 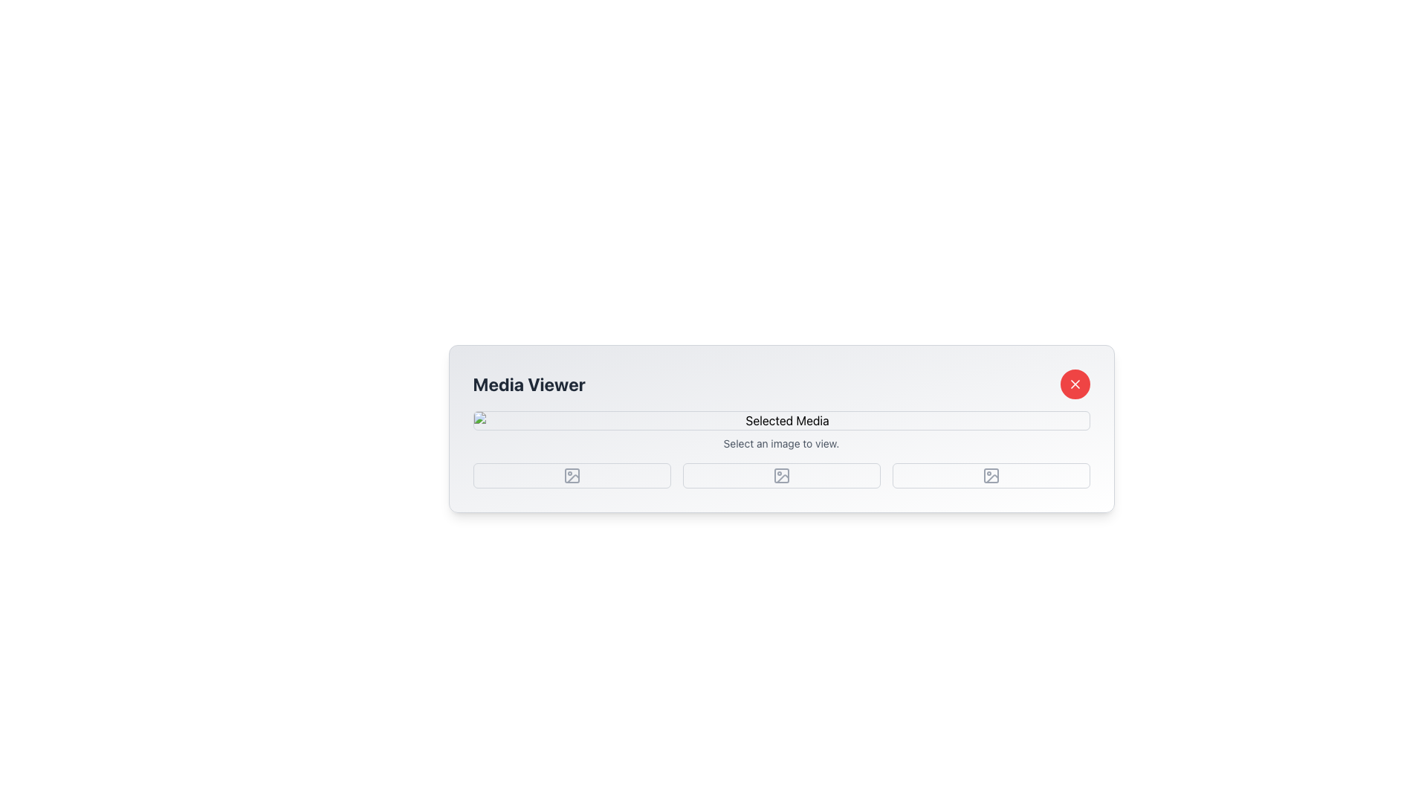 I want to click on the close icon (white 'X' on a red circular button) located in the top-right corner of the 'Media Viewer' panel, so click(x=1075, y=383).